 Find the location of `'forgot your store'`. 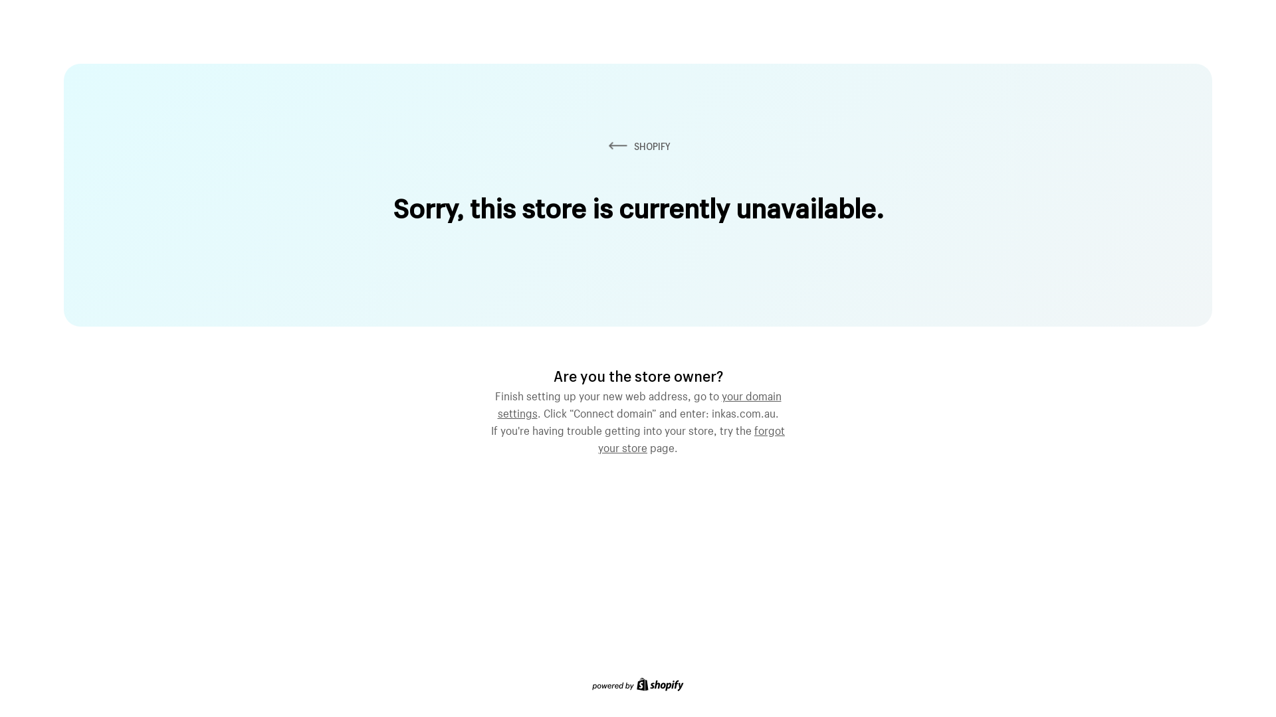

'forgot your store' is located at coordinates (691, 438).